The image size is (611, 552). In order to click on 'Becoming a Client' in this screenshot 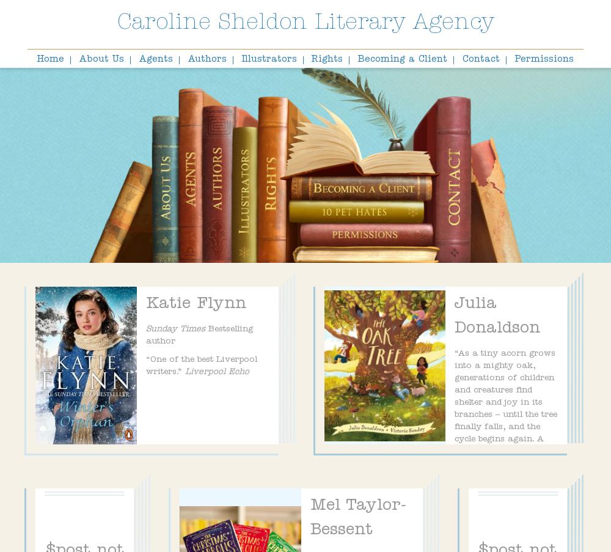, I will do `click(357, 60)`.